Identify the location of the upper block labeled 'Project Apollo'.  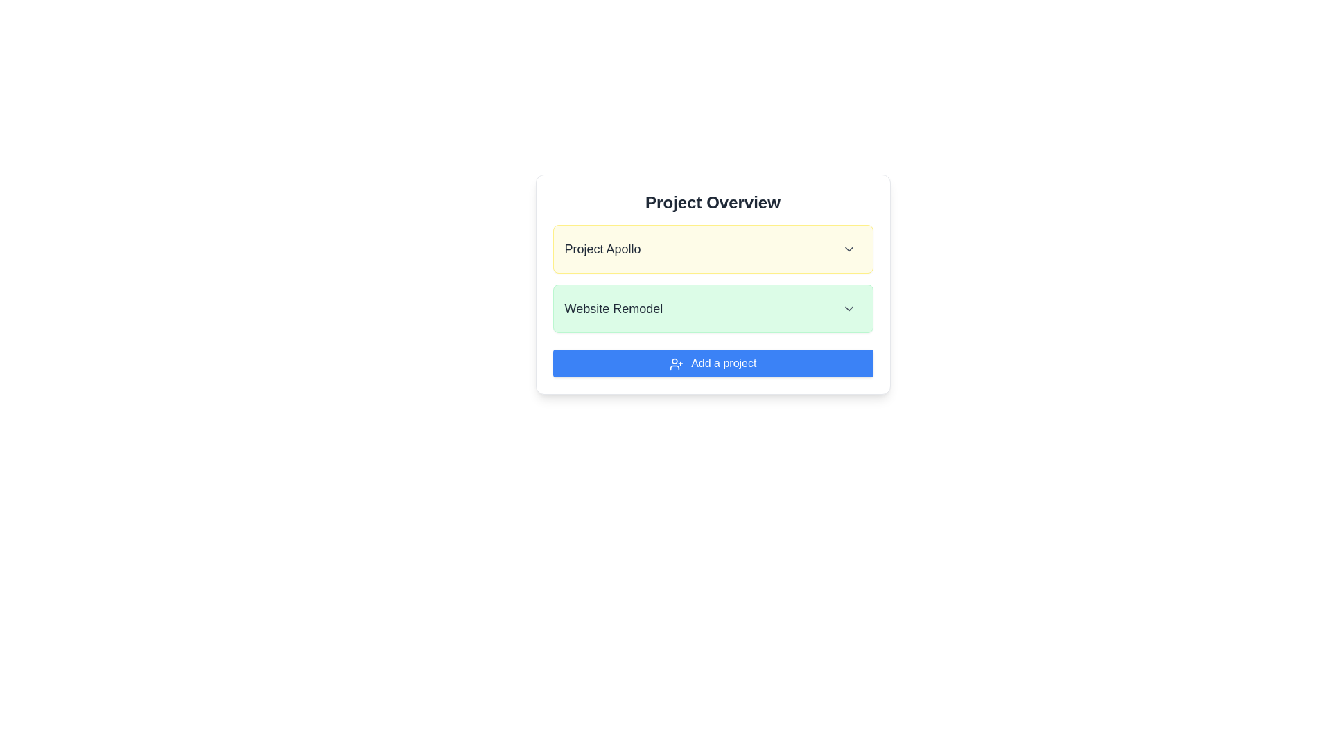
(713, 278).